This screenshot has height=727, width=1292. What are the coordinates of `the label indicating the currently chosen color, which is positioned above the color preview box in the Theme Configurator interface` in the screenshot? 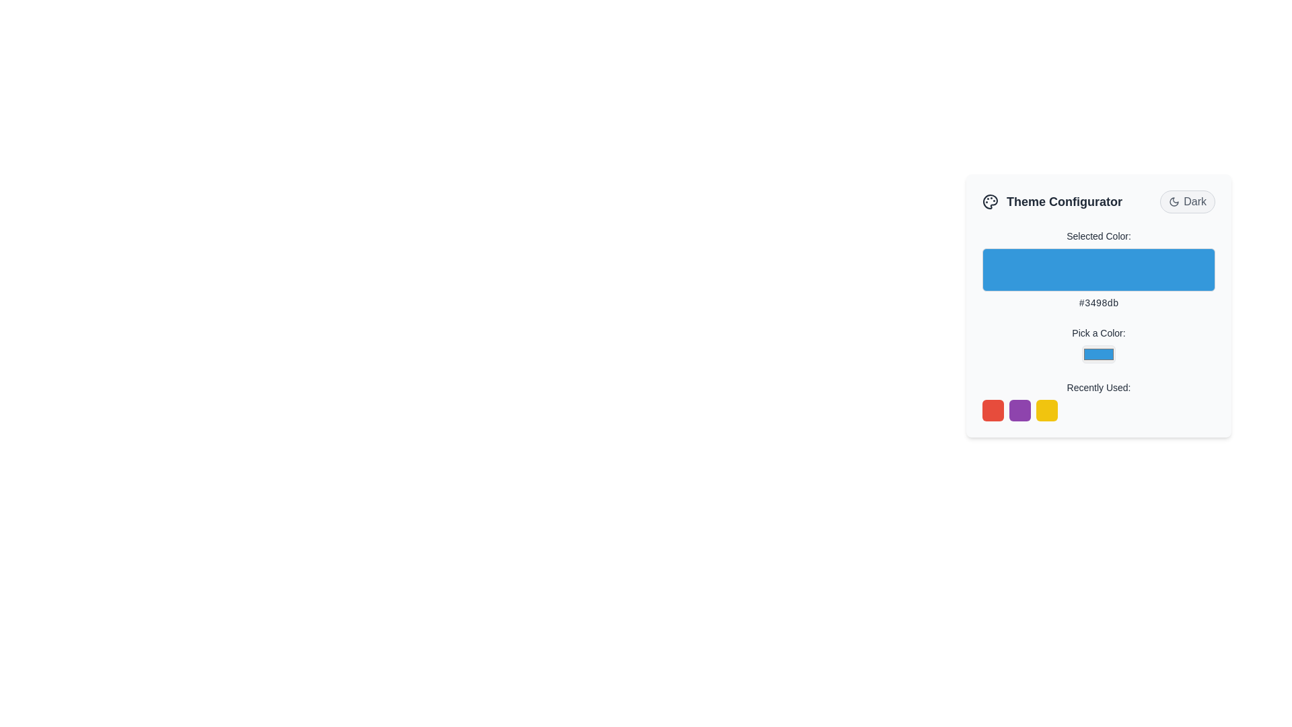 It's located at (1098, 236).